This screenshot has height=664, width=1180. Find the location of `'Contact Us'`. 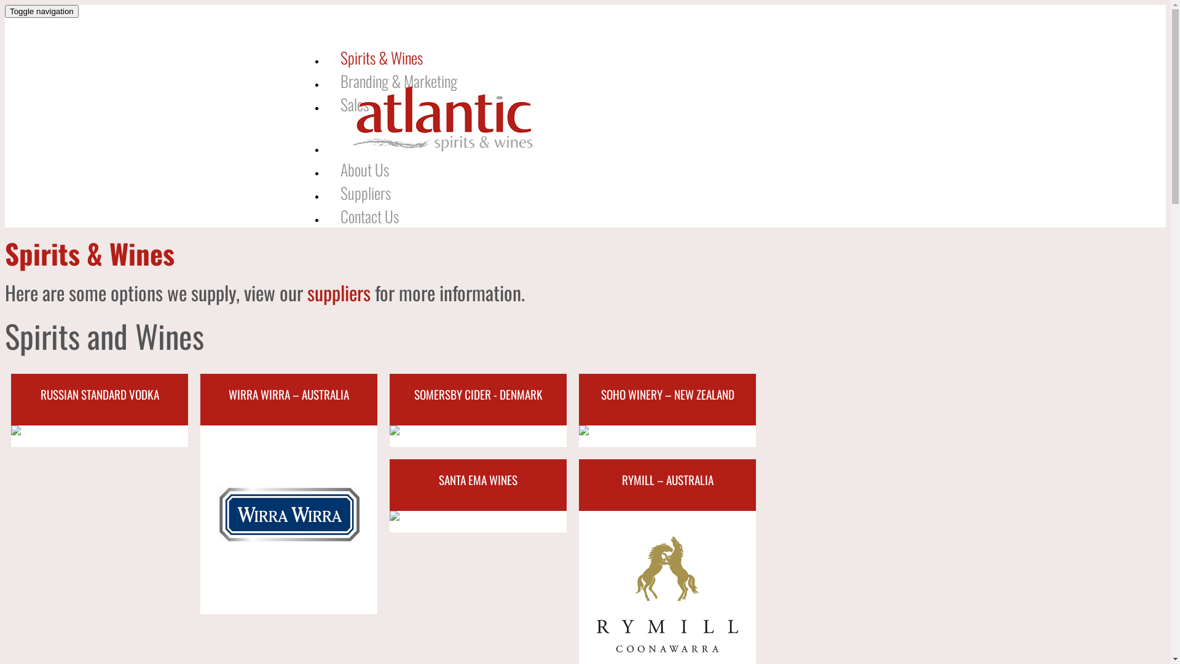

'Contact Us' is located at coordinates (368, 215).